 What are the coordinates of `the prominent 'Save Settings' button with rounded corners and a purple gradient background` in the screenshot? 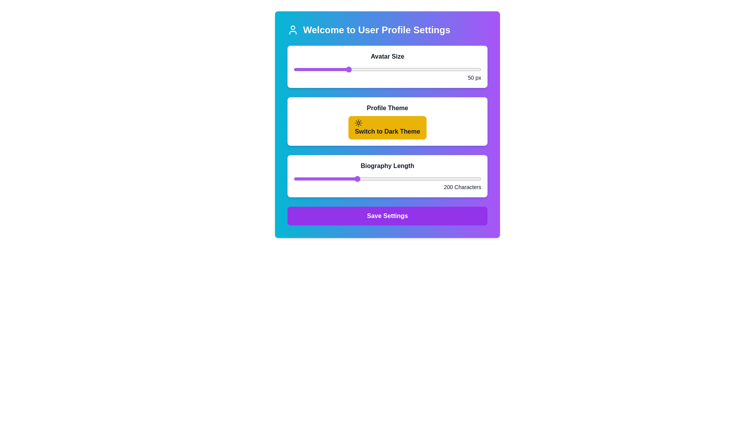 It's located at (387, 216).